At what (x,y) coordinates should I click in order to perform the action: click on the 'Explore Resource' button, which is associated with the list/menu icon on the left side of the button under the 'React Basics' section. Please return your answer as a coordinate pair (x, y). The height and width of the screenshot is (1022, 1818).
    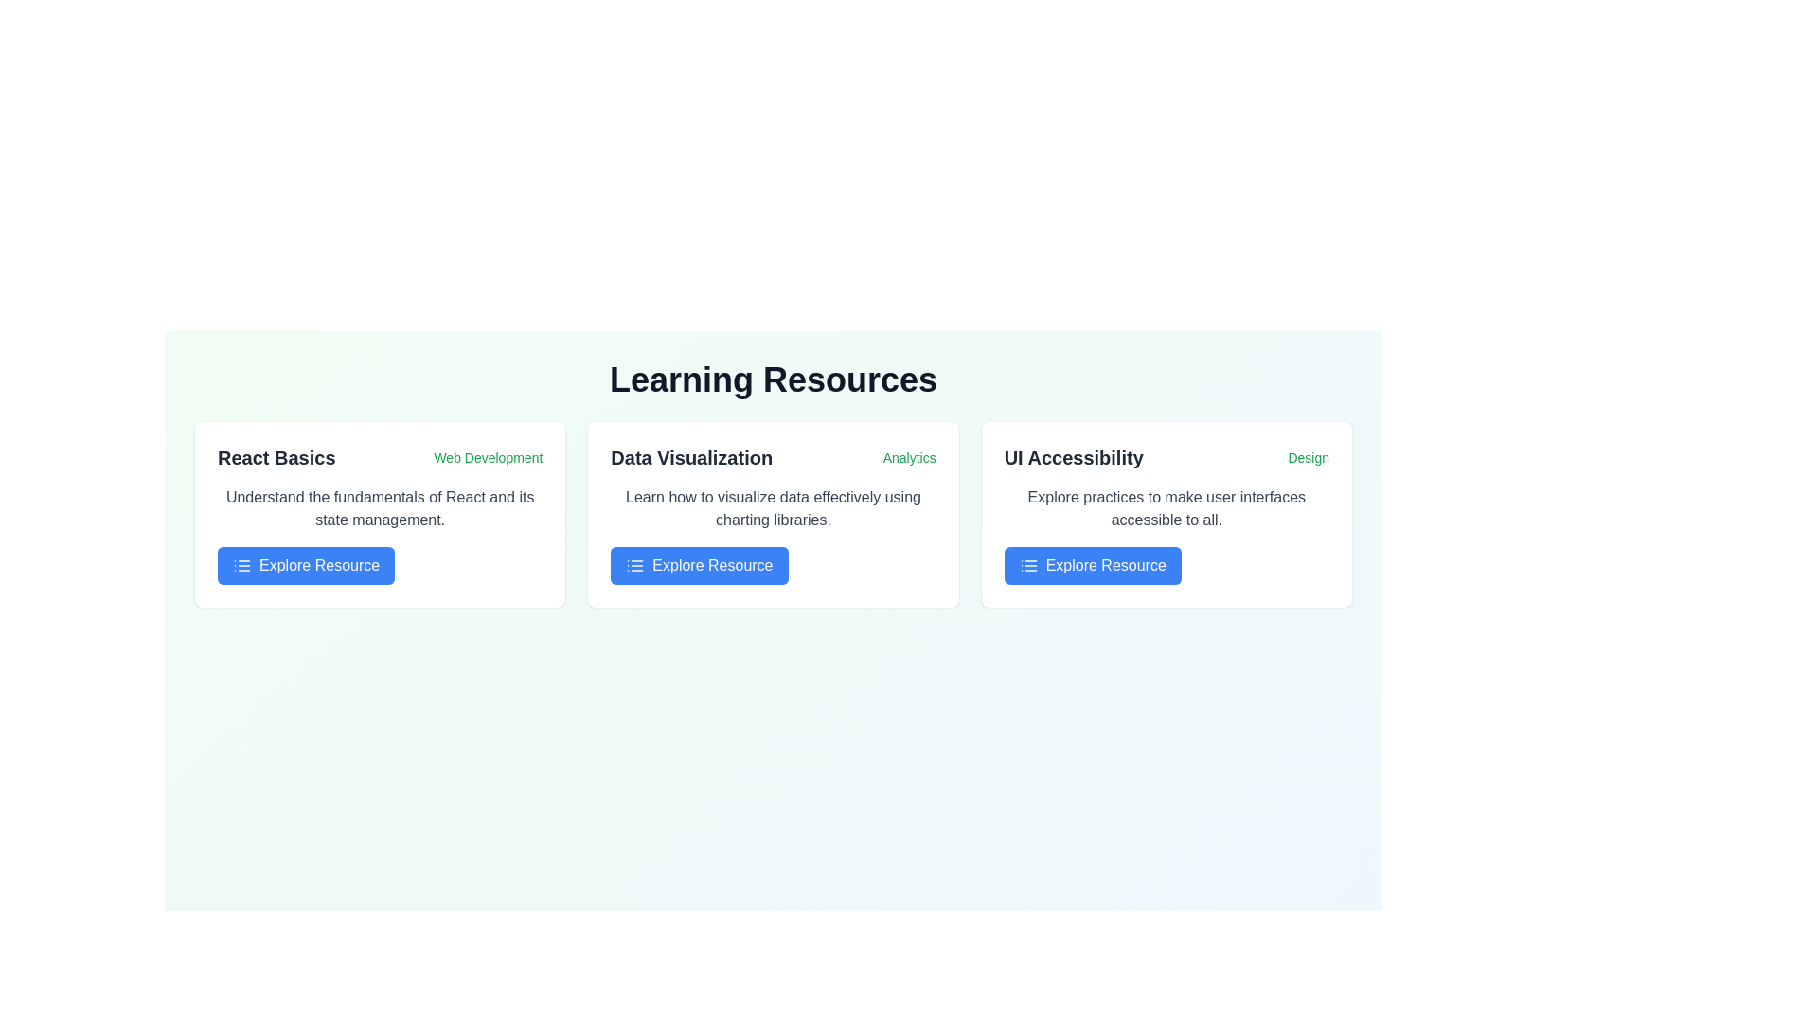
    Looking at the image, I should click on (241, 564).